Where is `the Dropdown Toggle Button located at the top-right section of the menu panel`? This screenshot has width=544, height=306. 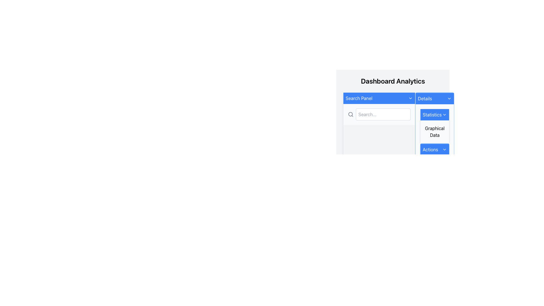 the Dropdown Toggle Button located at the top-right section of the menu panel is located at coordinates (434, 98).